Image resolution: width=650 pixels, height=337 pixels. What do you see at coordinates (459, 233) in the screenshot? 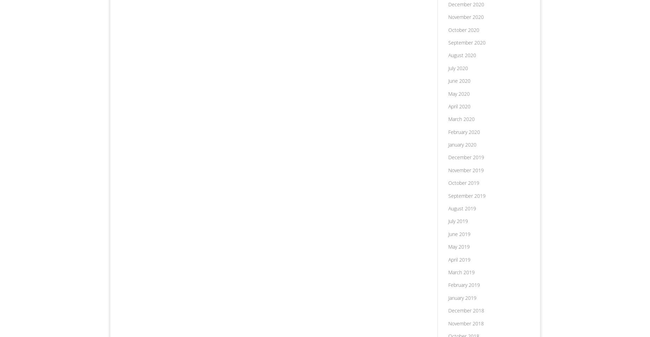
I see `'June 2019'` at bounding box center [459, 233].